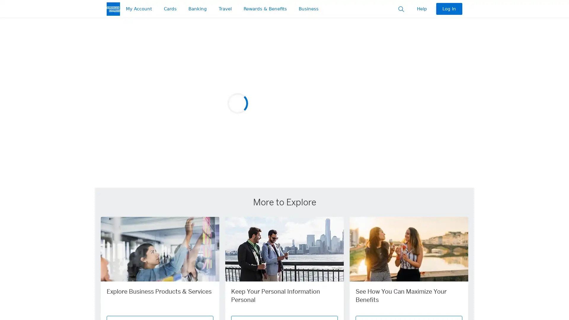 The width and height of the screenshot is (569, 320). What do you see at coordinates (257, 257) in the screenshot?
I see `Previous Slide` at bounding box center [257, 257].